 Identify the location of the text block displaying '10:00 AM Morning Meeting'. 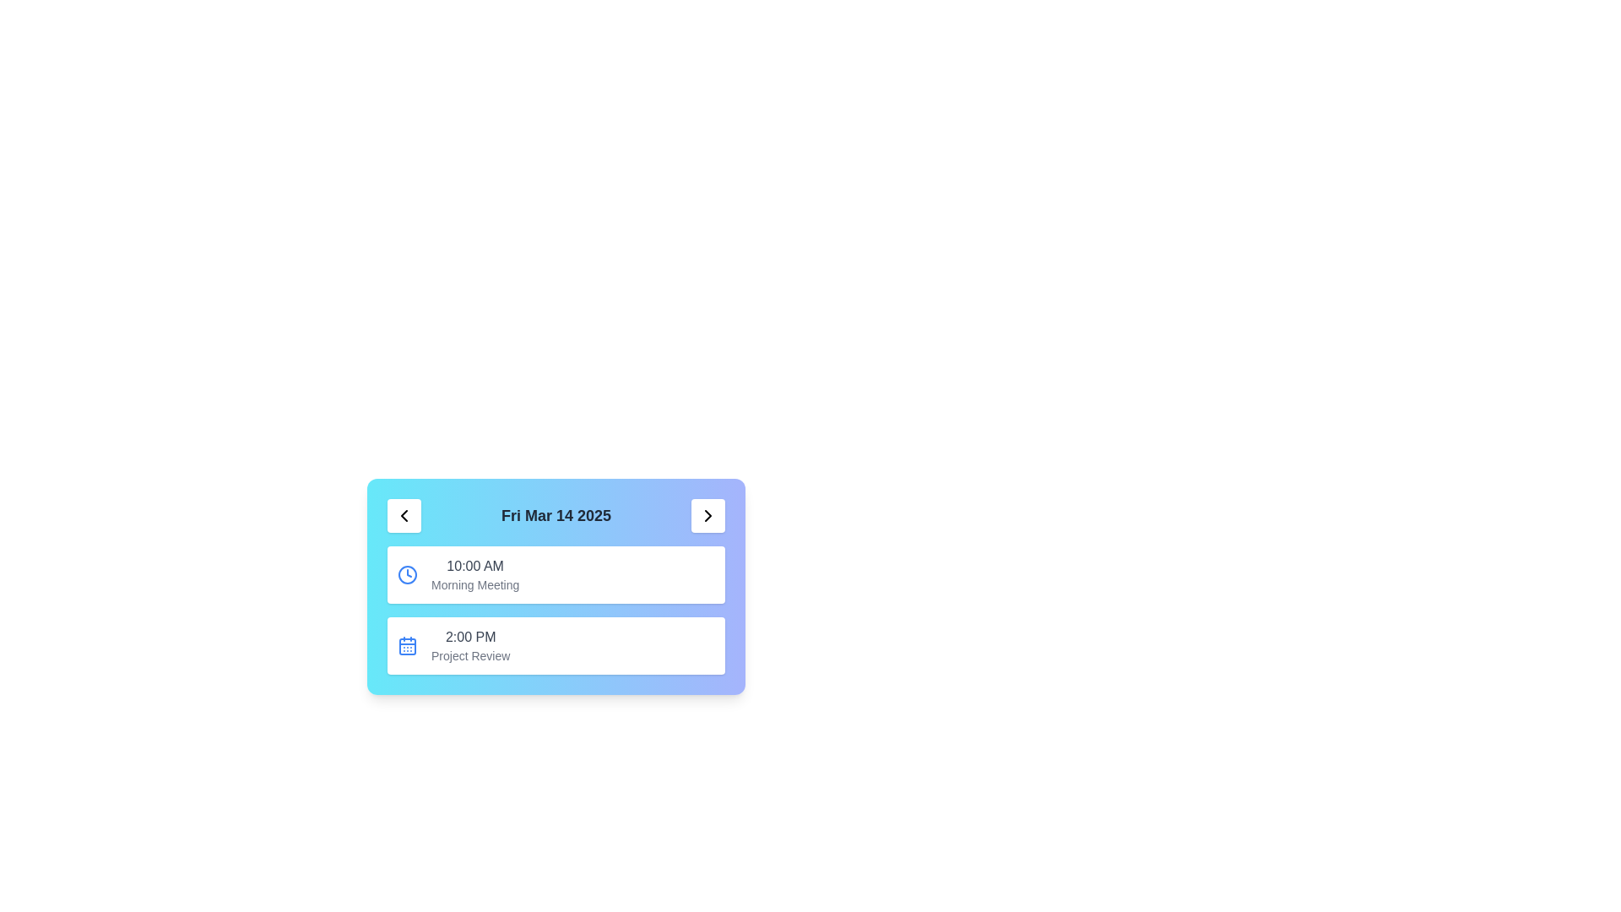
(474, 574).